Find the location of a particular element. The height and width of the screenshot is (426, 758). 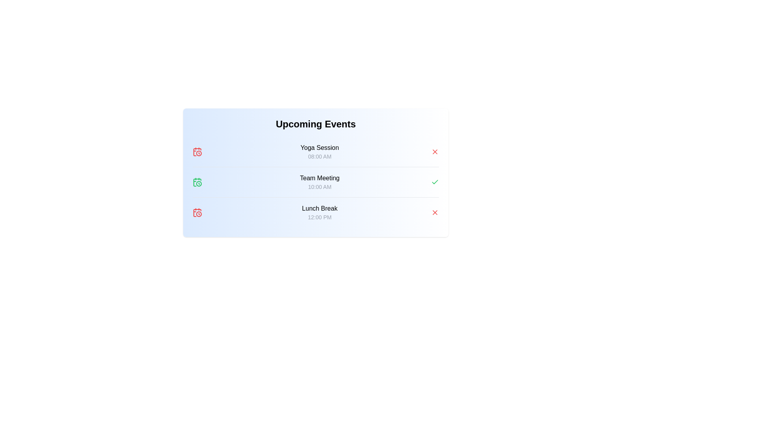

the text label that serves as the title for the event scheduled at '12:00 PM' in the third row of the 'Upcoming Events' list is located at coordinates (320, 208).